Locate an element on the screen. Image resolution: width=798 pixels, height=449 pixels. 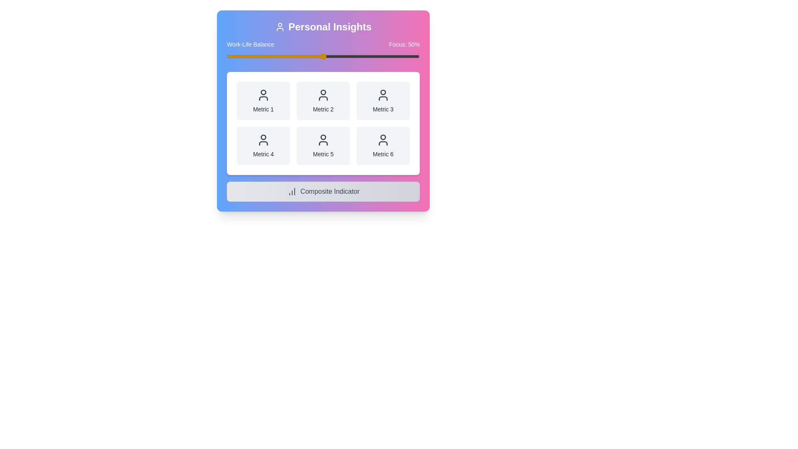
the slider to set the focus percentage to 62 is located at coordinates (346, 56).